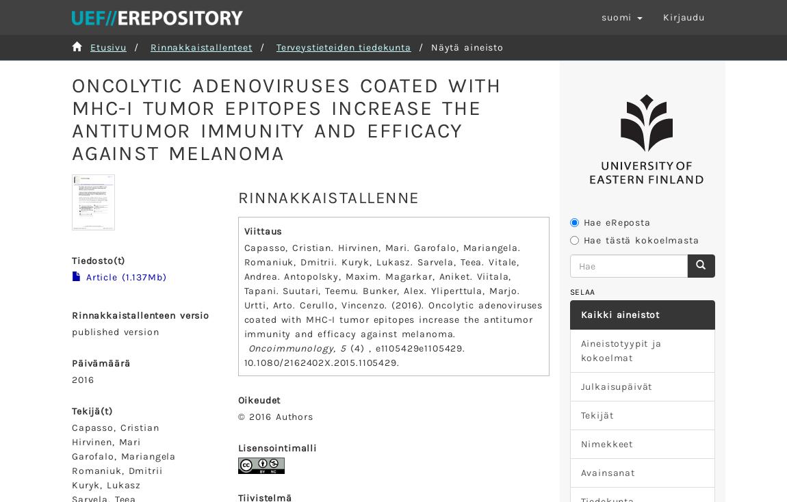  What do you see at coordinates (422, 305) in the screenshot?
I see `').'` at bounding box center [422, 305].